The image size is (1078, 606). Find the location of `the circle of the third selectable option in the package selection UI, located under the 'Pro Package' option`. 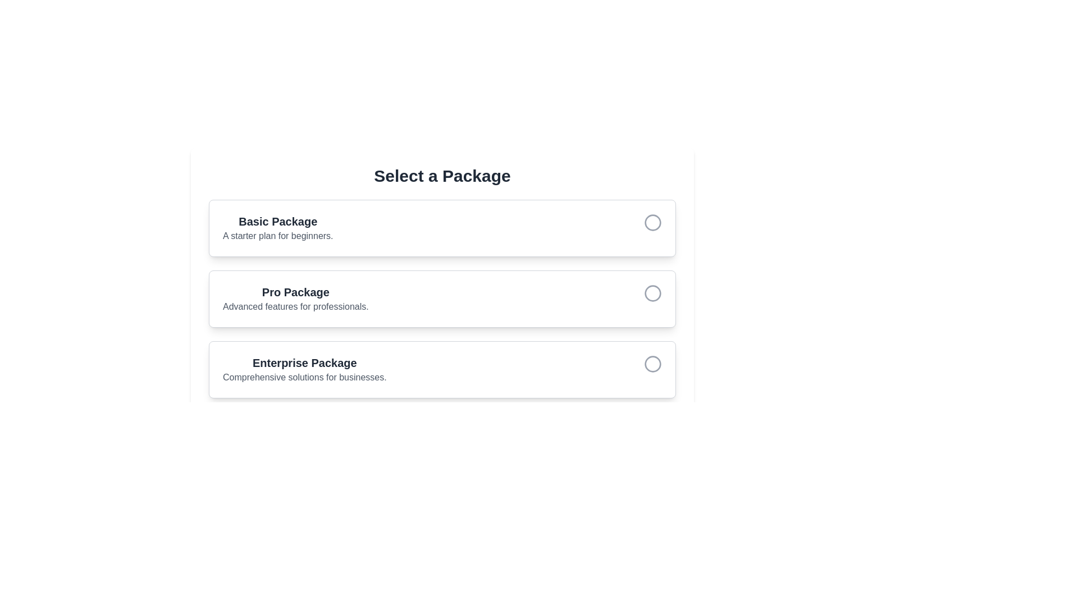

the circle of the third selectable option in the package selection UI, located under the 'Pro Package' option is located at coordinates (441, 370).